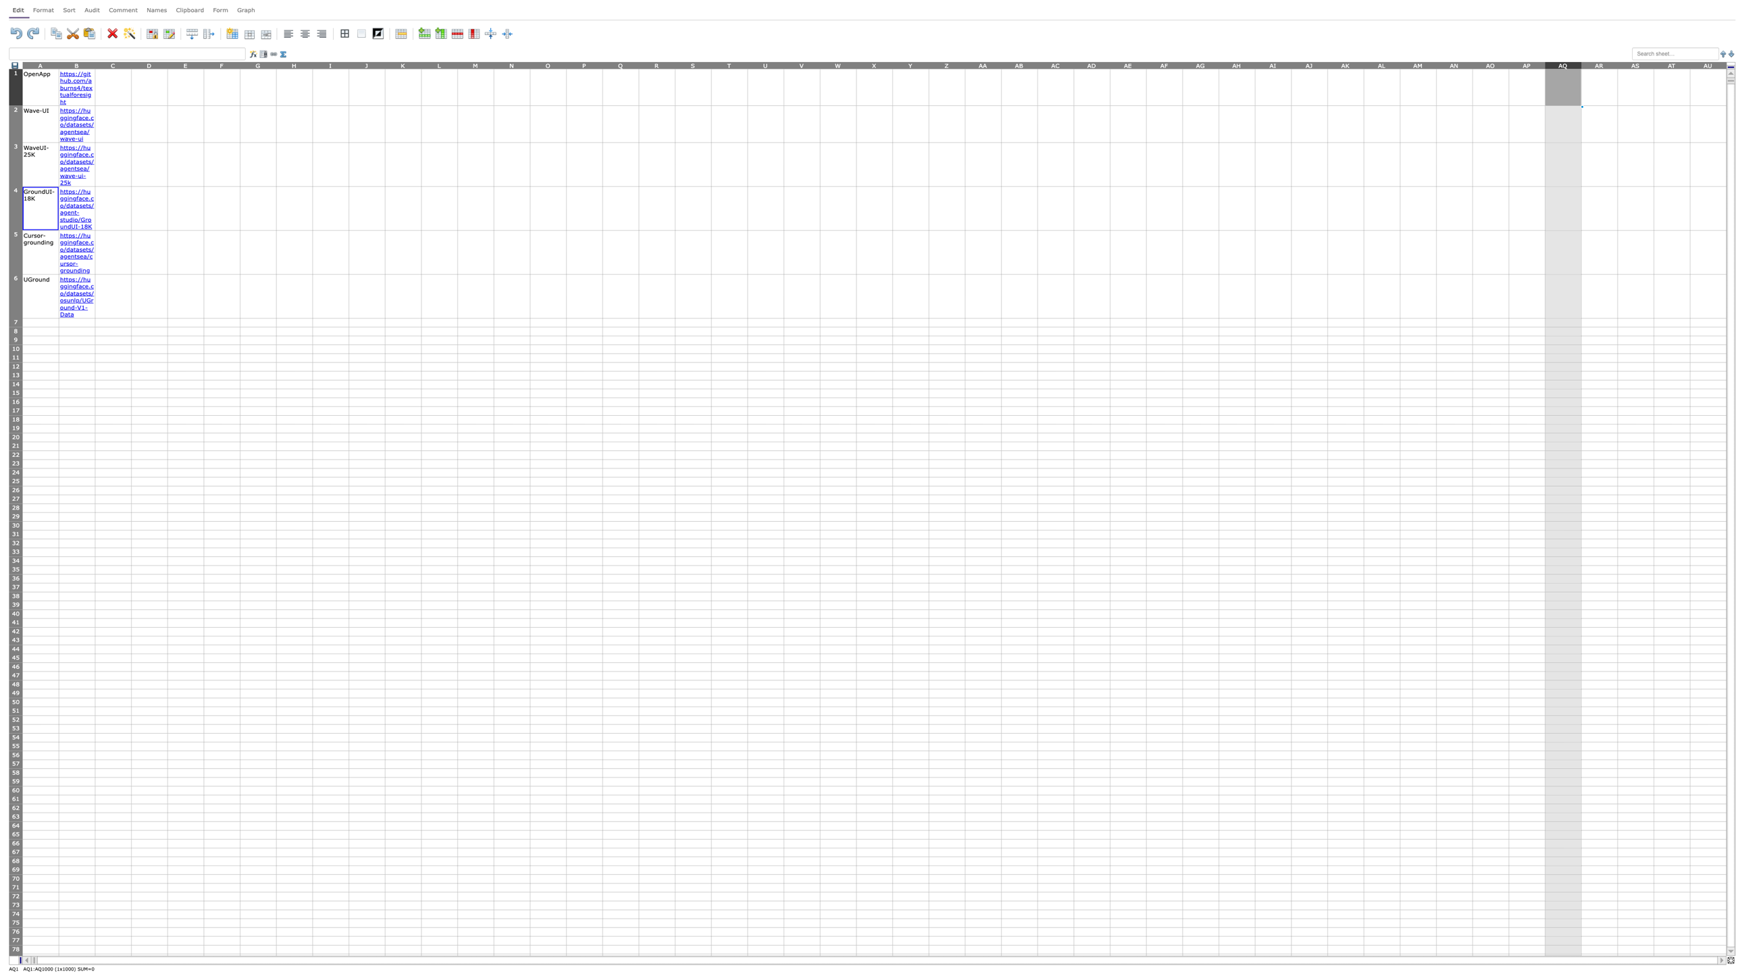  Describe the element at coordinates (1635, 64) in the screenshot. I see `column AS` at that location.